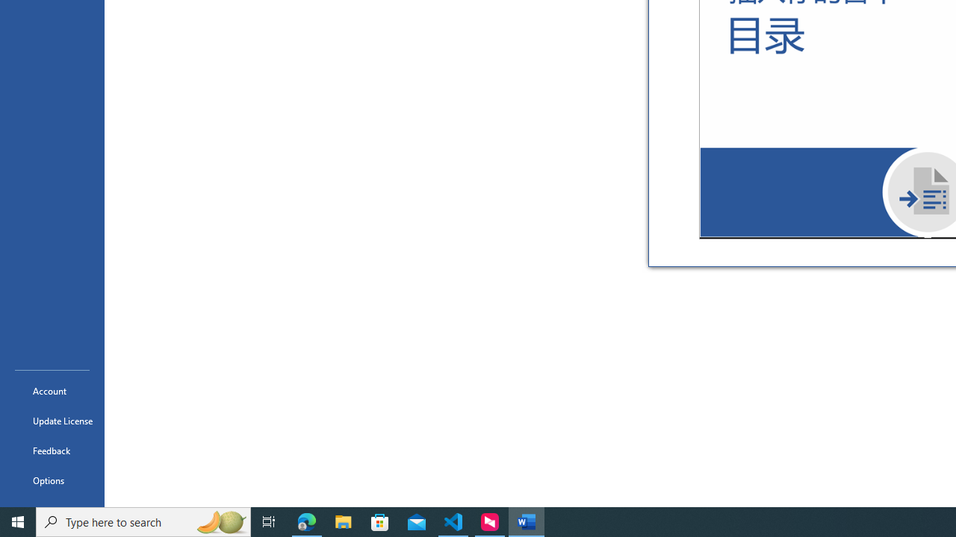 This screenshot has height=537, width=956. Describe the element at coordinates (52, 390) in the screenshot. I see `'Account'` at that location.